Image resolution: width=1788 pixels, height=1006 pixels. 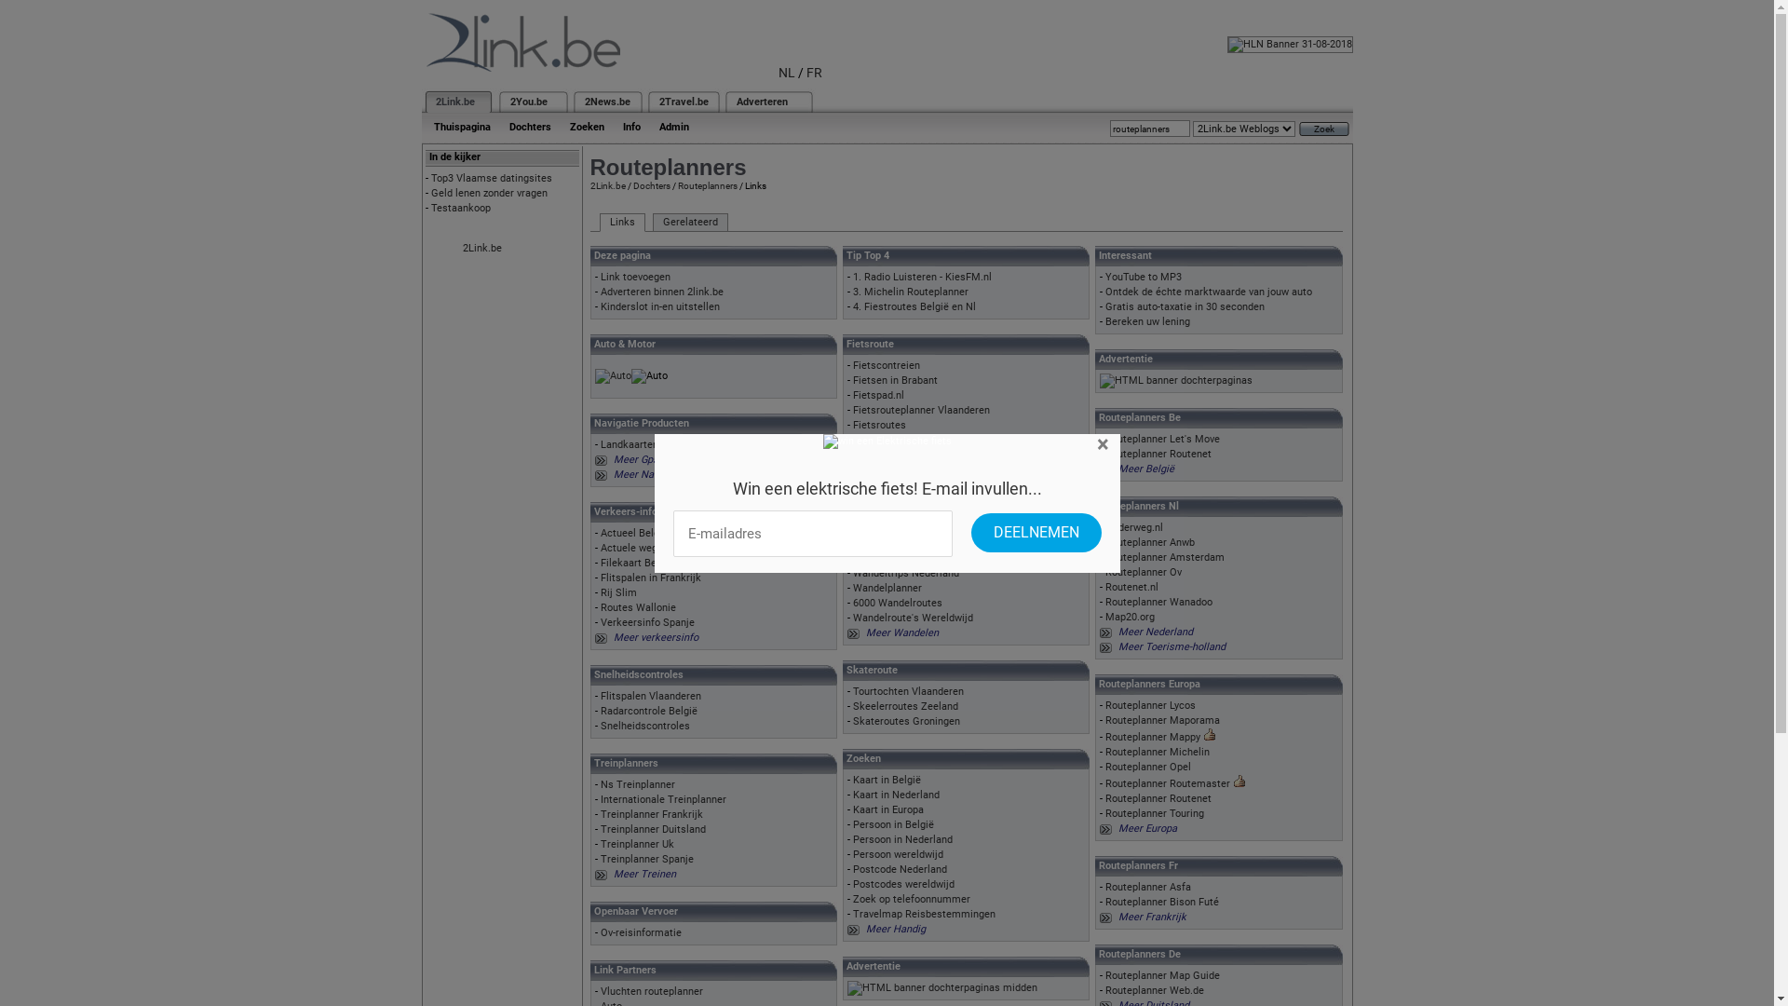 I want to click on 'Meer Wandelen', so click(x=865, y=632).